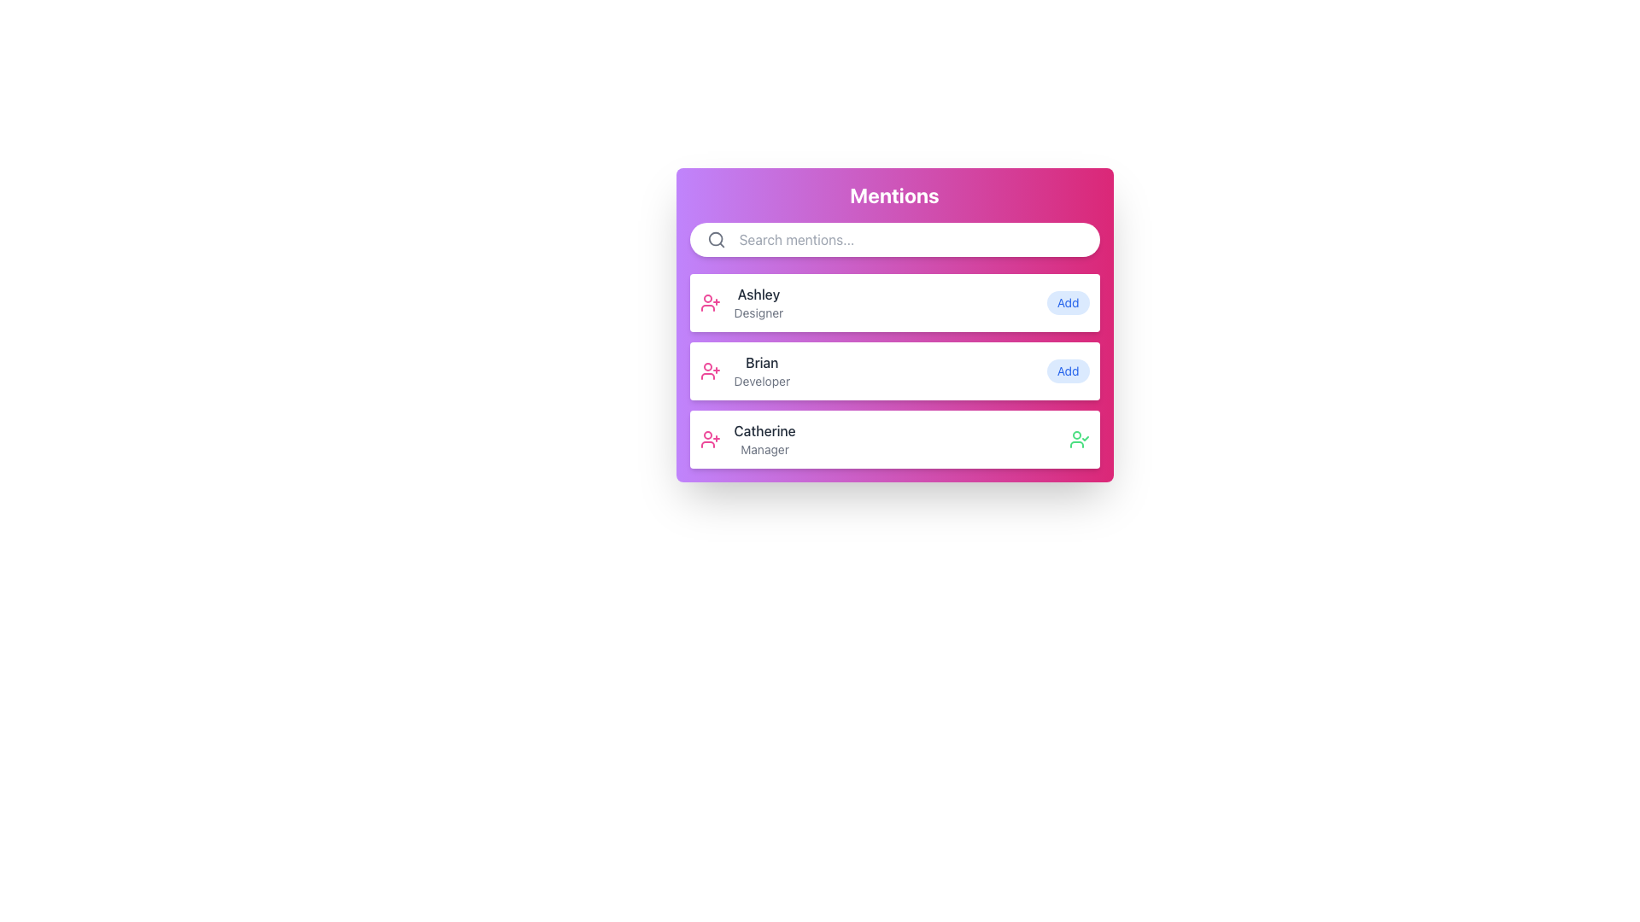 This screenshot has width=1640, height=922. I want to click on the text label identifying 'Catherine' as 'Manager', located in the third row of the list in the 'Mentions' interface, directly below the name 'Catherine', so click(764, 449).